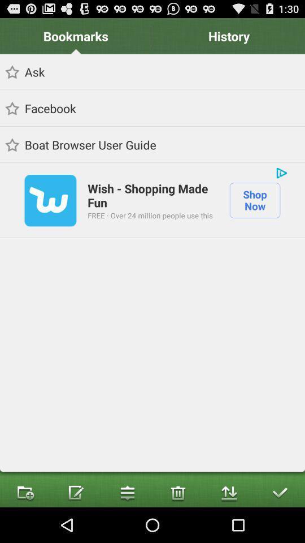  Describe the element at coordinates (177, 492) in the screenshot. I see `item below free over 24 item` at that location.